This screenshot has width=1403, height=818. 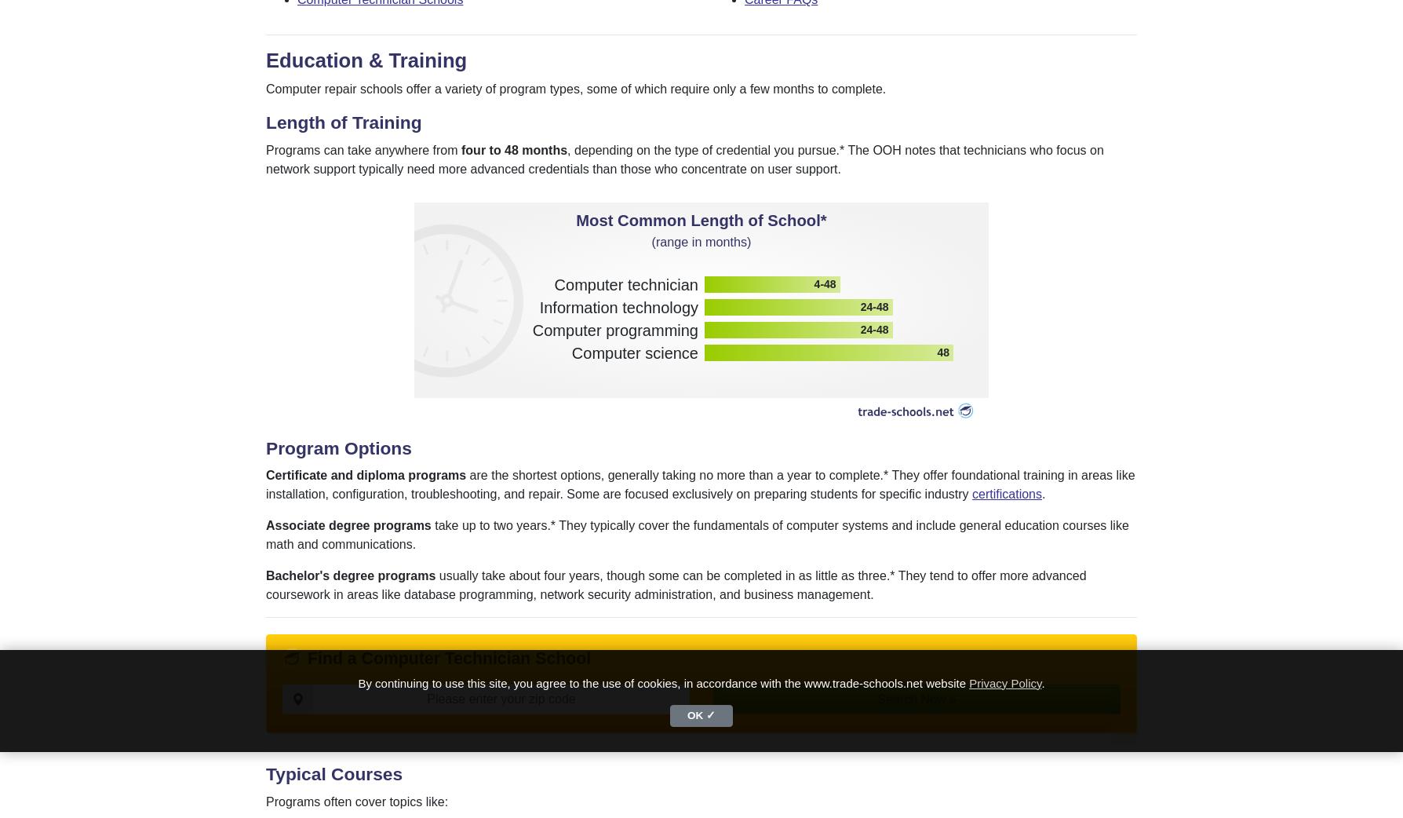 What do you see at coordinates (337, 446) in the screenshot?
I see `'Program Options'` at bounding box center [337, 446].